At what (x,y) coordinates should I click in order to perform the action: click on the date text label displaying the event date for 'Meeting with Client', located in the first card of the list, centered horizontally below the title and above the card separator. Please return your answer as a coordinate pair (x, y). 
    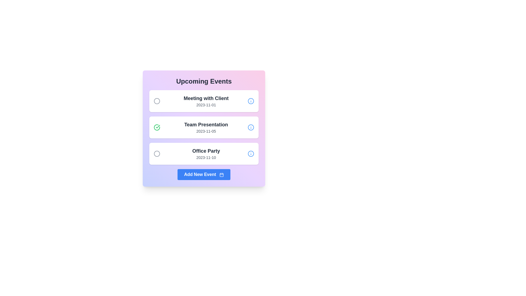
    Looking at the image, I should click on (206, 105).